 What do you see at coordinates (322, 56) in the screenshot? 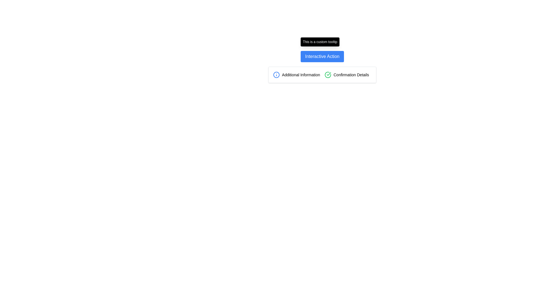
I see `the rectangular button labeled 'Interactive Action' with a blue background` at bounding box center [322, 56].